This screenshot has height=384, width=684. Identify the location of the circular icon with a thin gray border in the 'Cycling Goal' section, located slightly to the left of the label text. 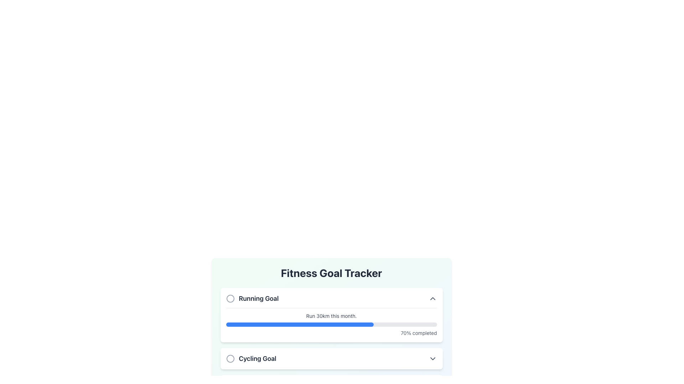
(230, 359).